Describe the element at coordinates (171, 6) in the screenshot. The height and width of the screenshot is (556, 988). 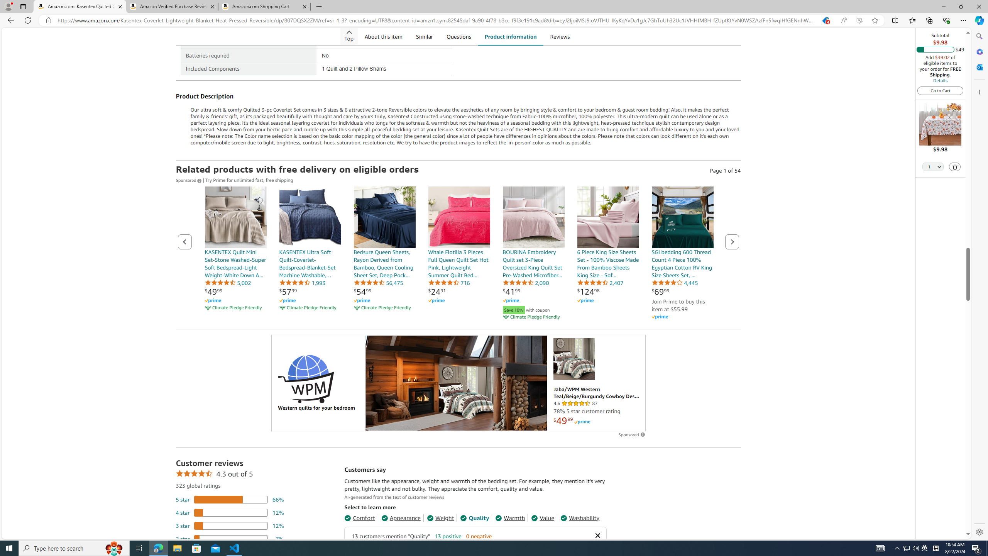
I see `'Amazon Verified Purchase Reviews - Amazon Customer Service'` at that location.